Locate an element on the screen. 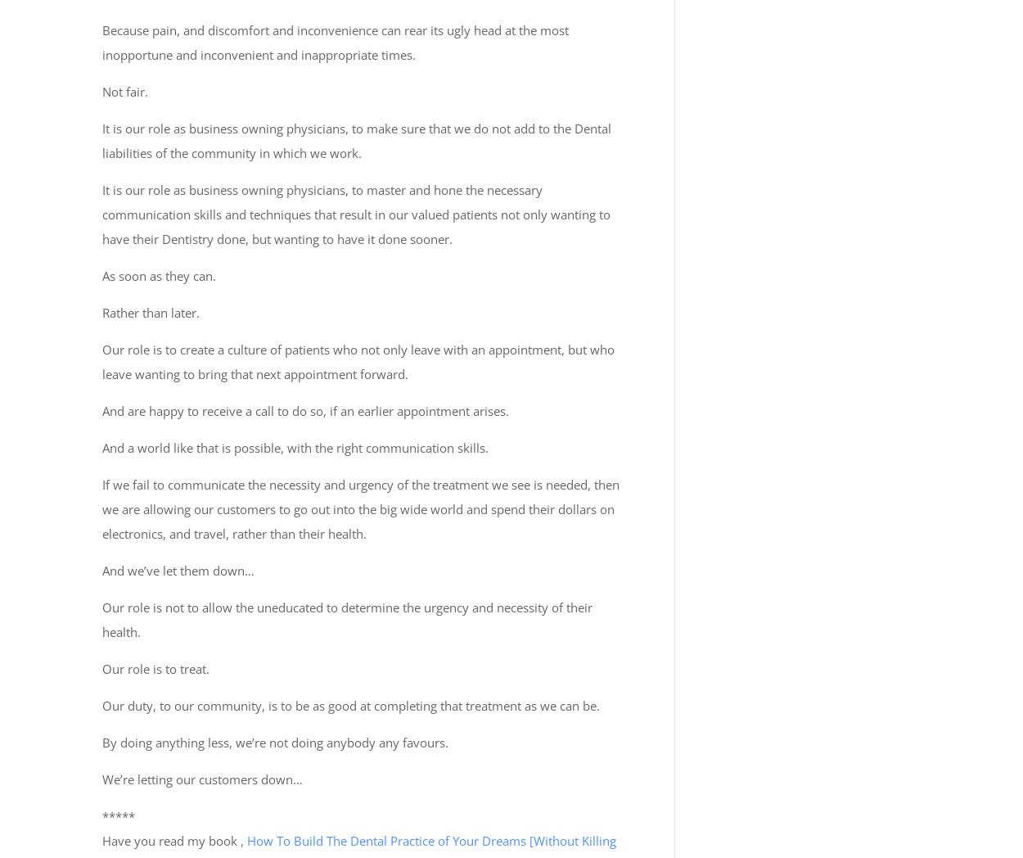 The image size is (1023, 858). 'By doing anything less, we’re not doing anybody any favours.' is located at coordinates (274, 742).